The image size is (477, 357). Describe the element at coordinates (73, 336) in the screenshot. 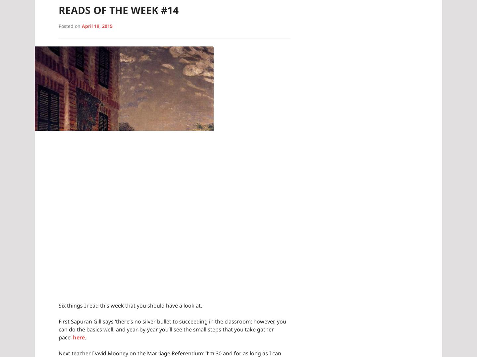

I see `'here'` at that location.